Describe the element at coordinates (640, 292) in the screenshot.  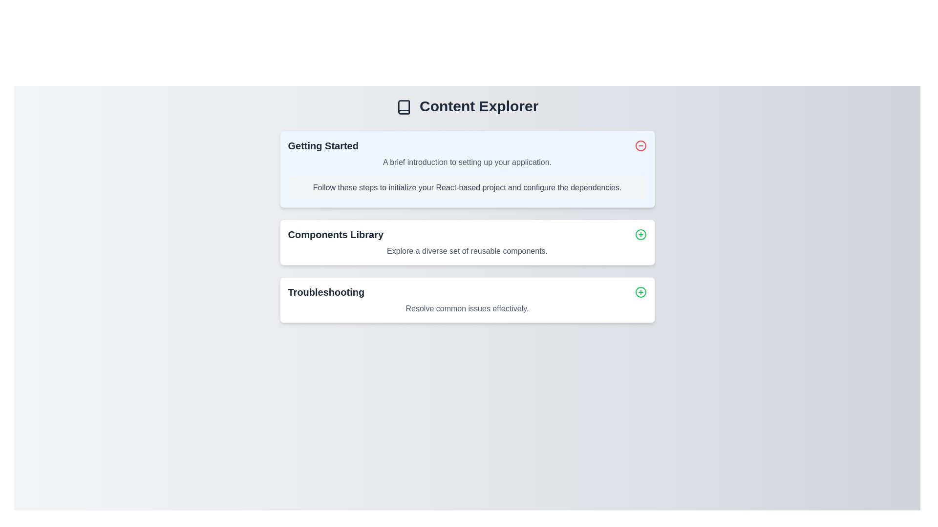
I see `the circular green-bordered icon indicating the 'Troubleshooting' option for additional information` at that location.